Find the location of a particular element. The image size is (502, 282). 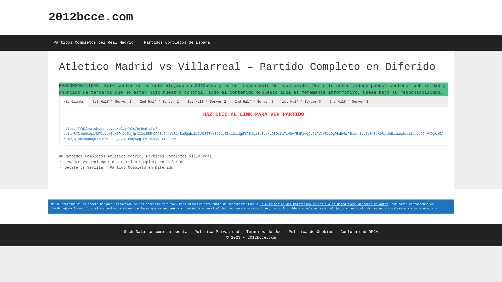

'Conformidad DMCA' is located at coordinates (359, 232).